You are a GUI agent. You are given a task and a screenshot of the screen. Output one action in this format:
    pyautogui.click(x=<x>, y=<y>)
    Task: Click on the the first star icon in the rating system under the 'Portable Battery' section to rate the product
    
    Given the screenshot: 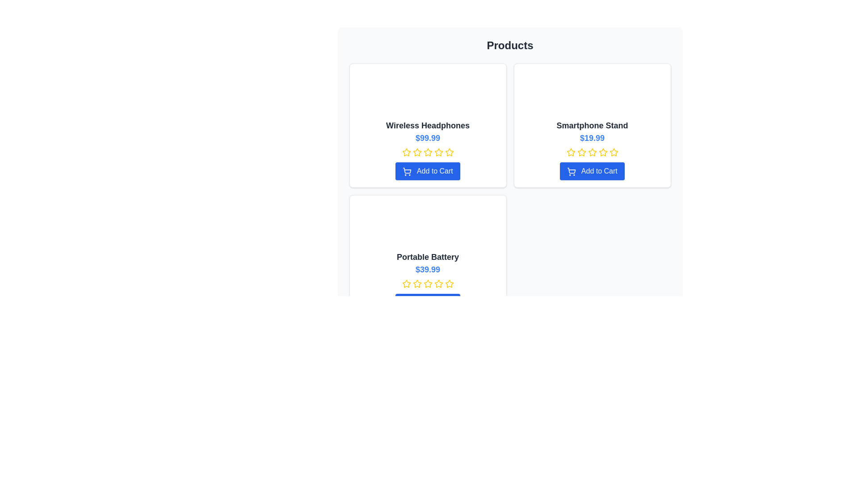 What is the action you would take?
    pyautogui.click(x=406, y=284)
    